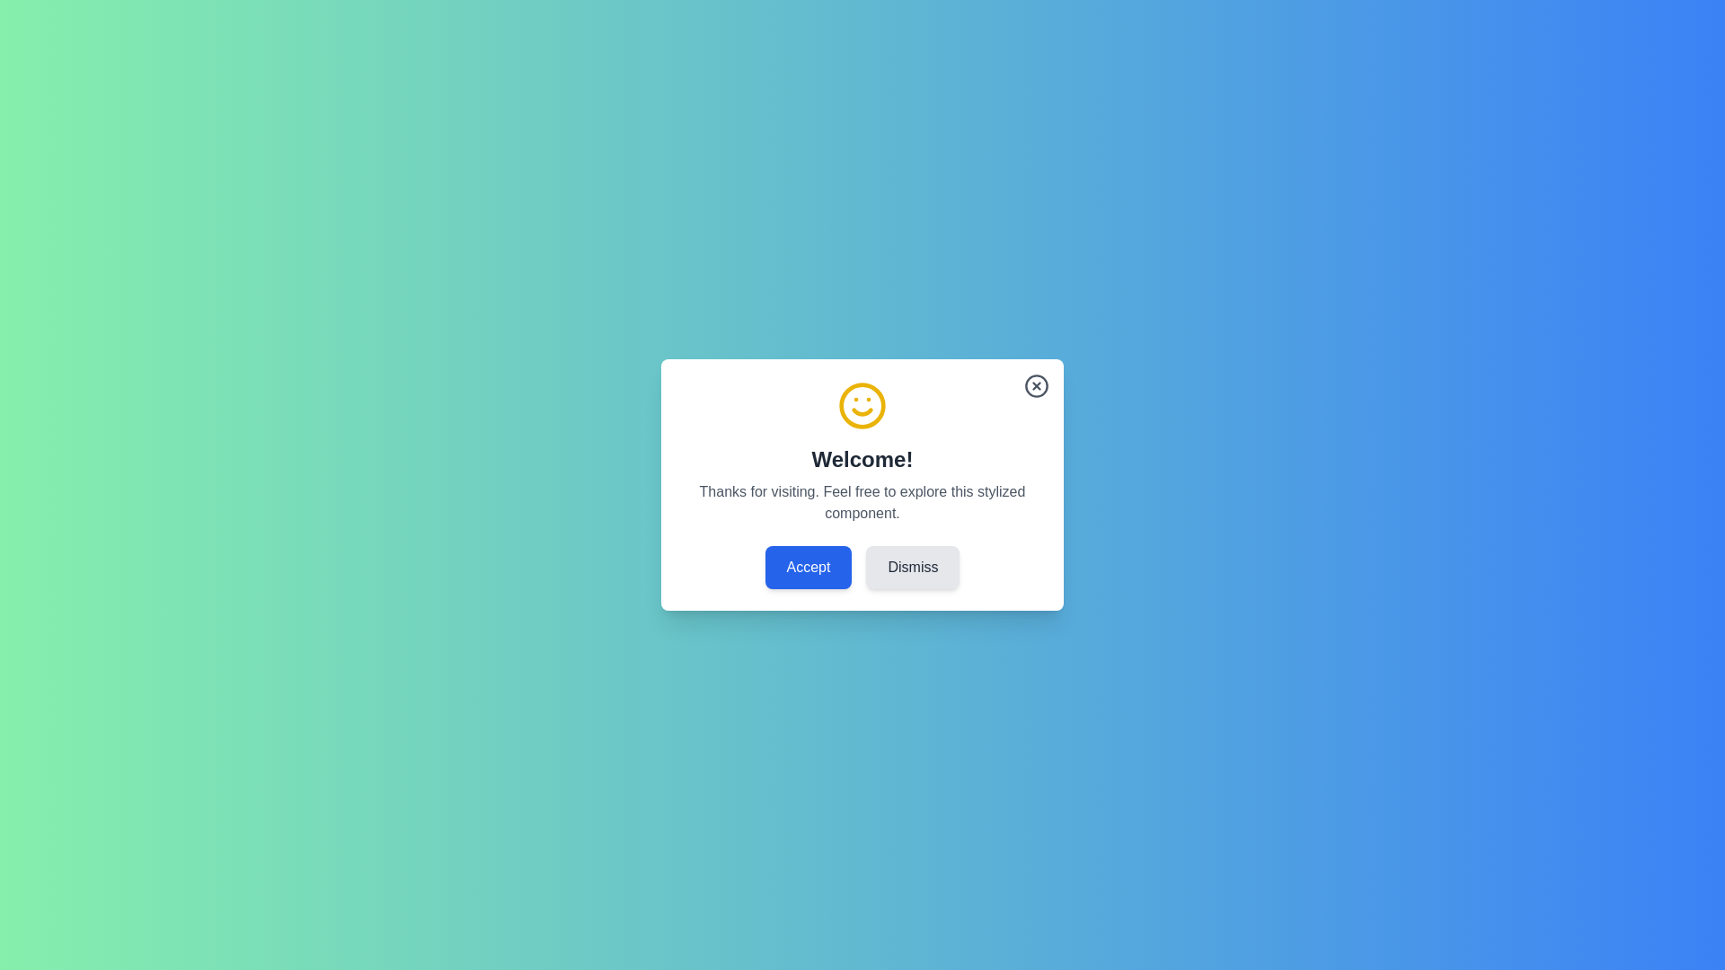  I want to click on the 'Dismiss' button to dismiss the dialog, so click(913, 568).